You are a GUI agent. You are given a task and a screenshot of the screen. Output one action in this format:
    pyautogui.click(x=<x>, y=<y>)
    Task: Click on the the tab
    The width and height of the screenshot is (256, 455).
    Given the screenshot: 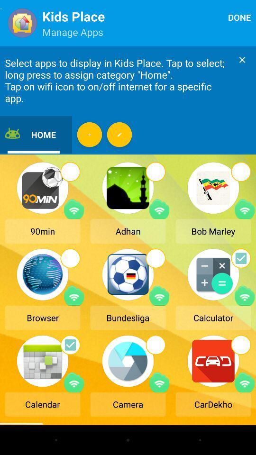 What is the action you would take?
    pyautogui.click(x=242, y=59)
    